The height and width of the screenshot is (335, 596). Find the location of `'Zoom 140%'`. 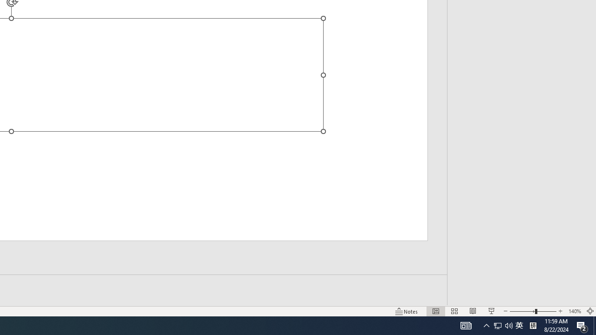

'Zoom 140%' is located at coordinates (574, 311).